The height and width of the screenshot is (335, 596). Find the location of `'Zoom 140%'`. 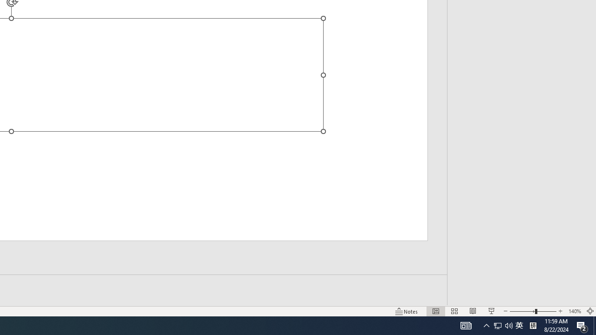

'Zoom 140%' is located at coordinates (574, 311).